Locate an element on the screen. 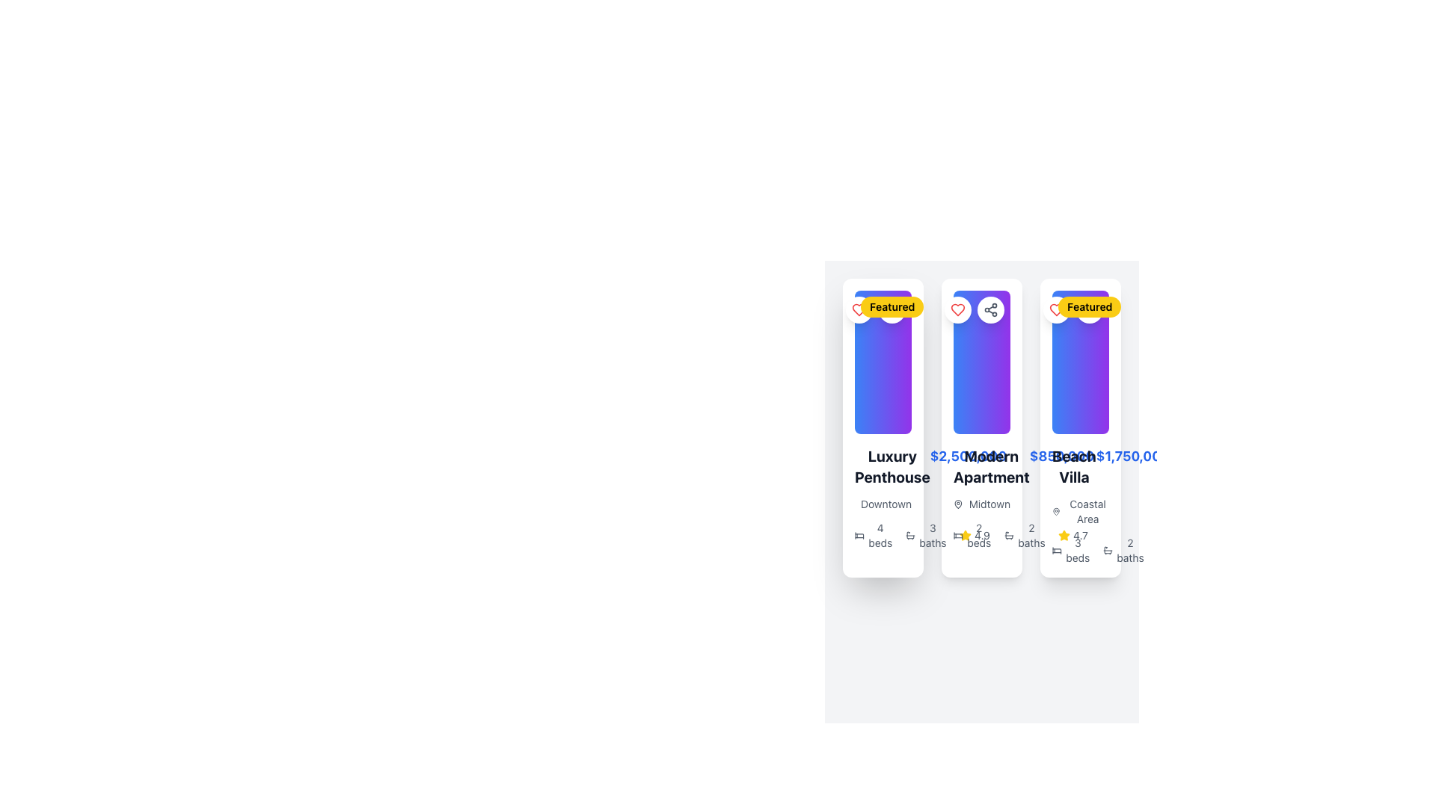 This screenshot has width=1436, height=807. the descriptive UI component displaying '2 baths' with an accompanying bathtub icon, located at the bottom of the third property card is located at coordinates (1130, 550).